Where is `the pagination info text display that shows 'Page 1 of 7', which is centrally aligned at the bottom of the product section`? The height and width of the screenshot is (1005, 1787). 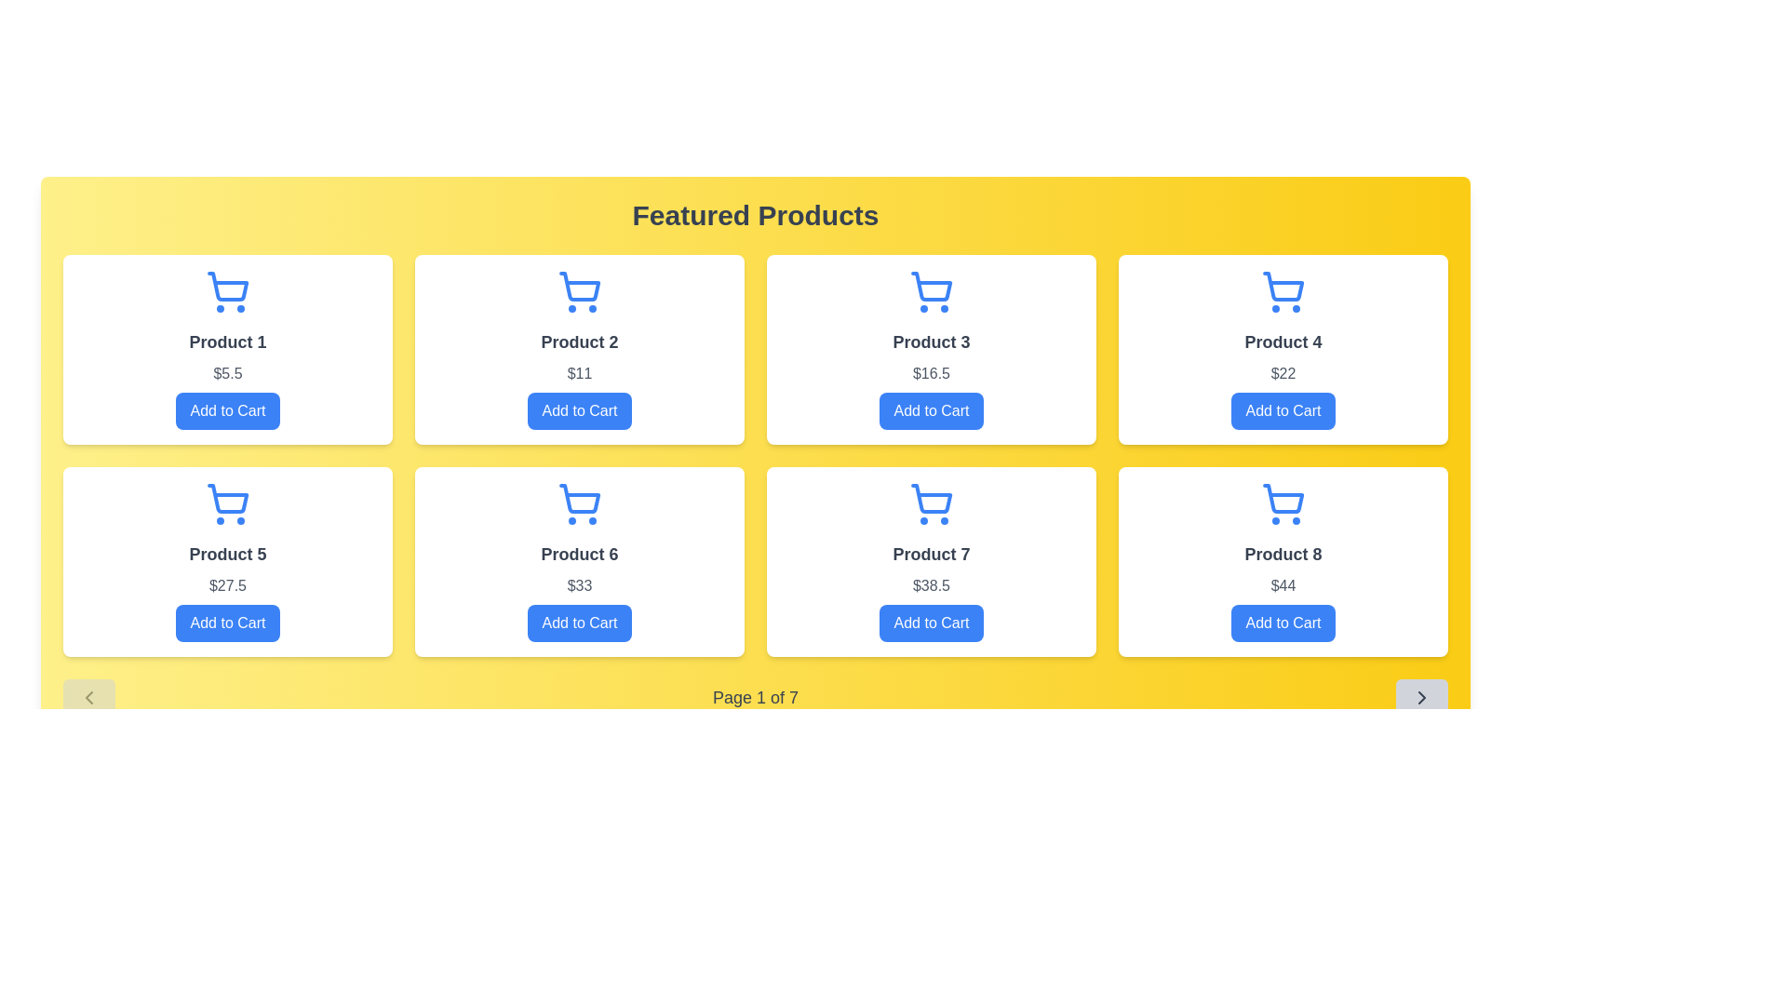 the pagination info text display that shows 'Page 1 of 7', which is centrally aligned at the bottom of the product section is located at coordinates (755, 697).